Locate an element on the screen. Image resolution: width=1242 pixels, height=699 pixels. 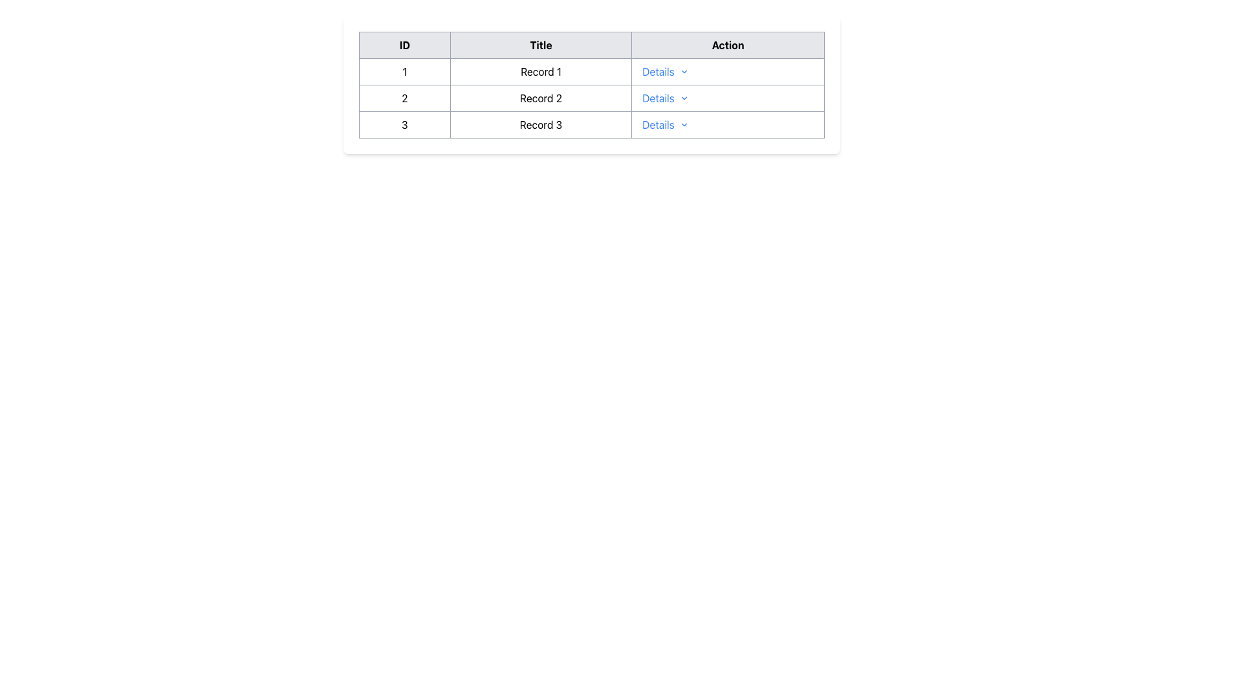
the downward chevron icon next to the 'Details' text in the first row is located at coordinates (683, 72).